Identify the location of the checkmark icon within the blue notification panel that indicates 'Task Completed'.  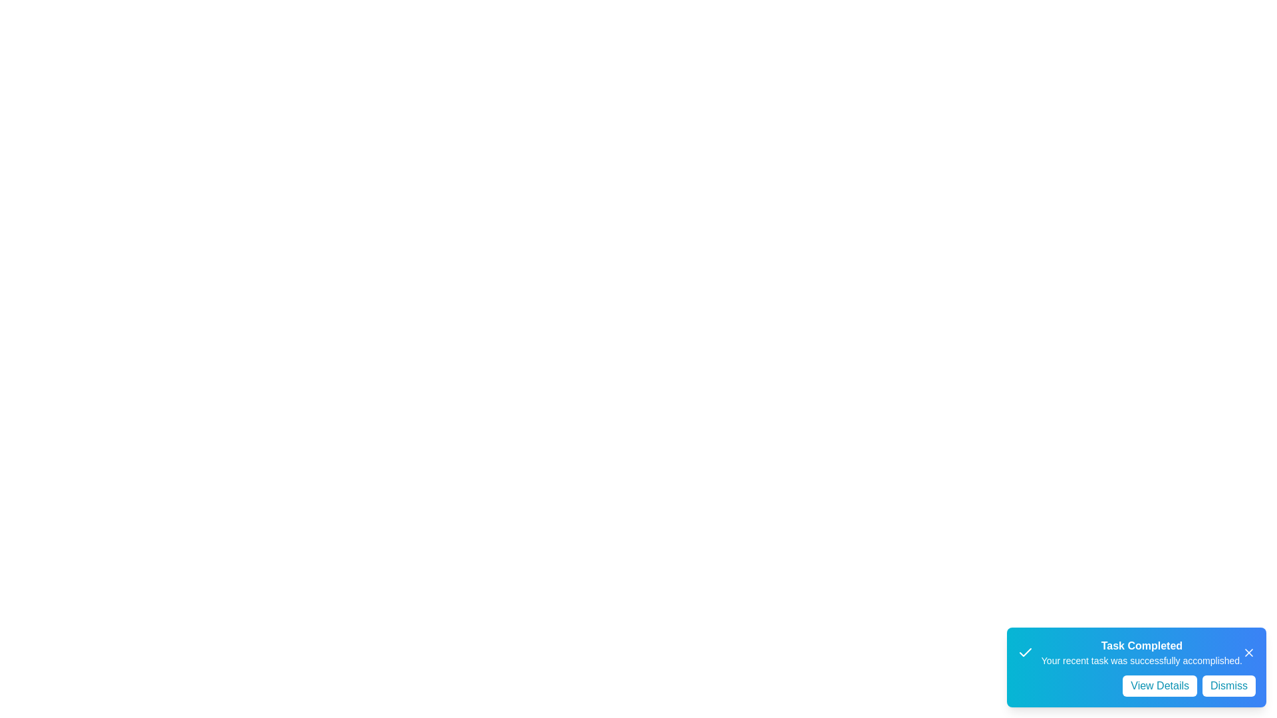
(1024, 652).